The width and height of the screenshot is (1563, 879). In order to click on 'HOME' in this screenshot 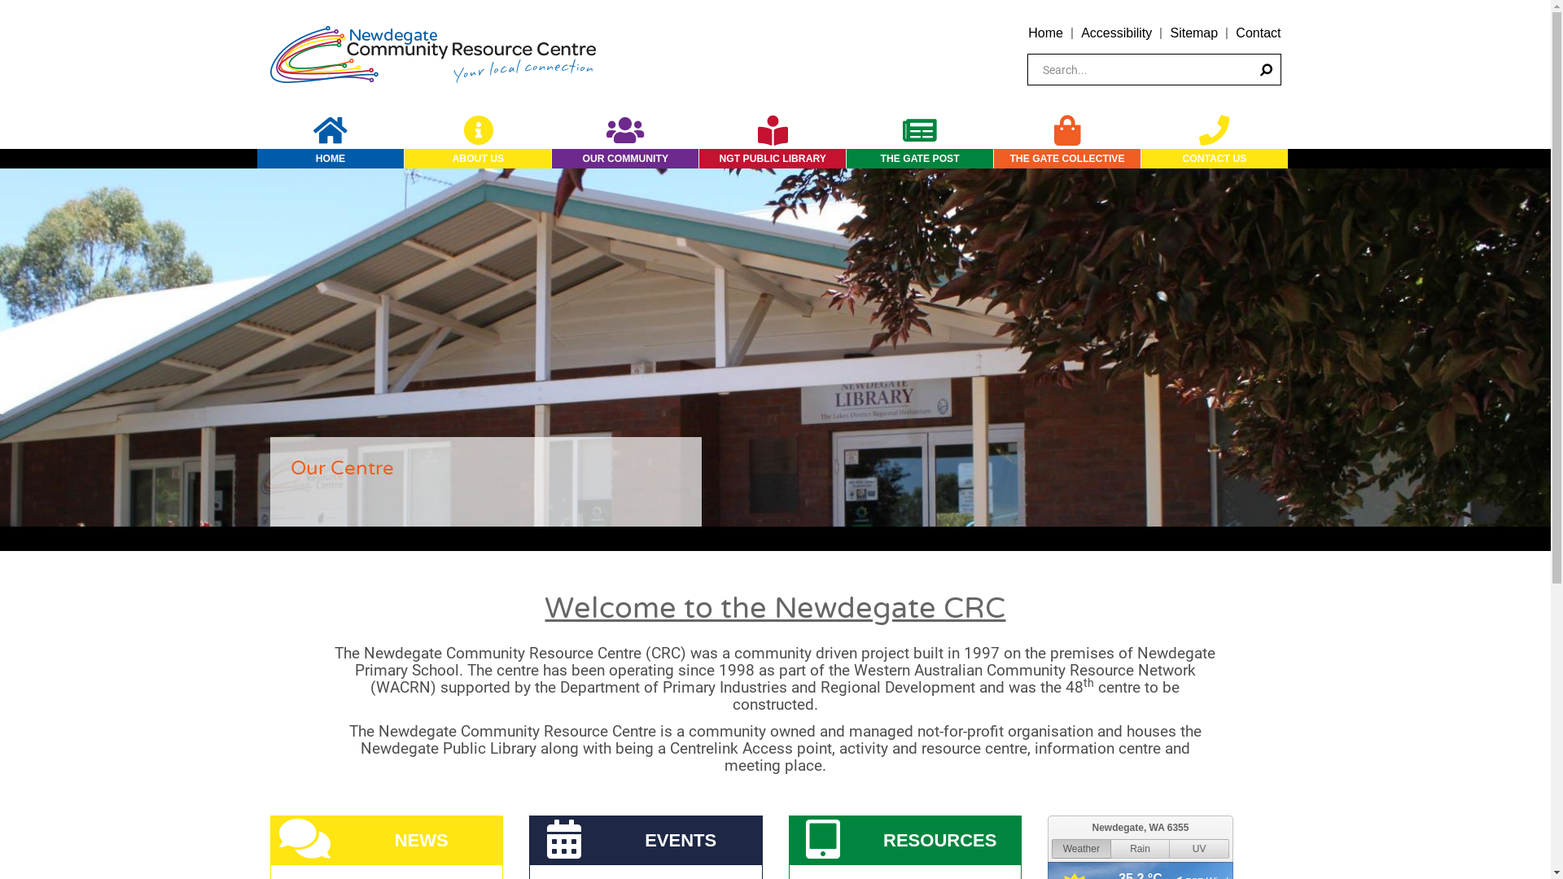, I will do `click(330, 159)`.